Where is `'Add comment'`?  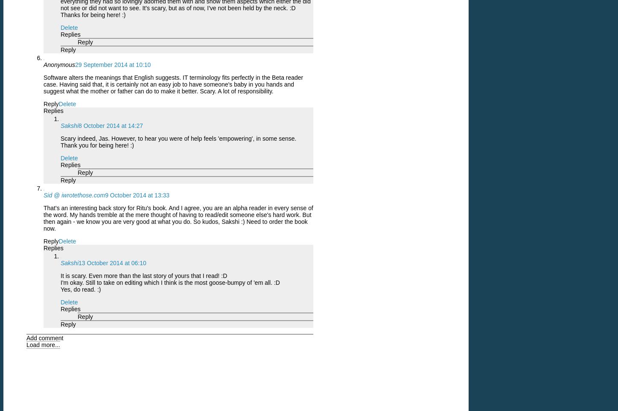 'Add comment' is located at coordinates (44, 338).